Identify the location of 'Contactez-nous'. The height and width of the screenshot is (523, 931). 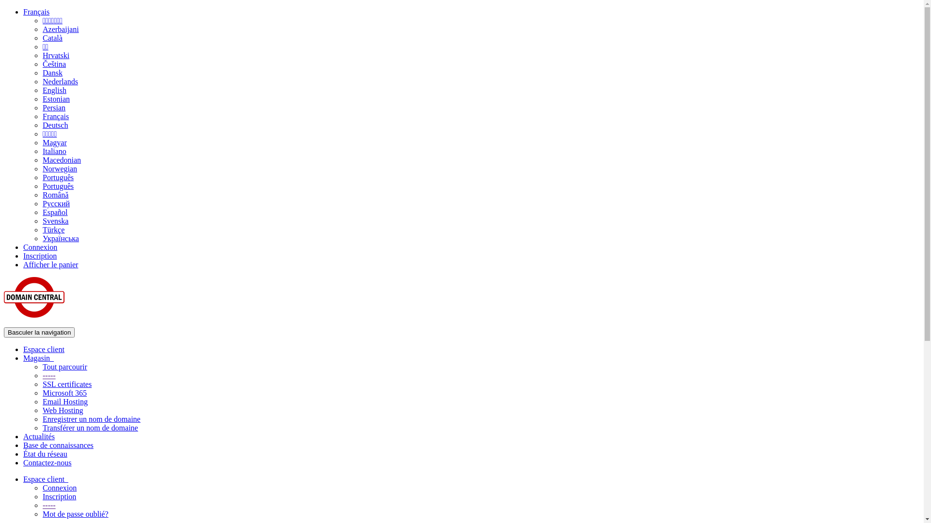
(47, 462).